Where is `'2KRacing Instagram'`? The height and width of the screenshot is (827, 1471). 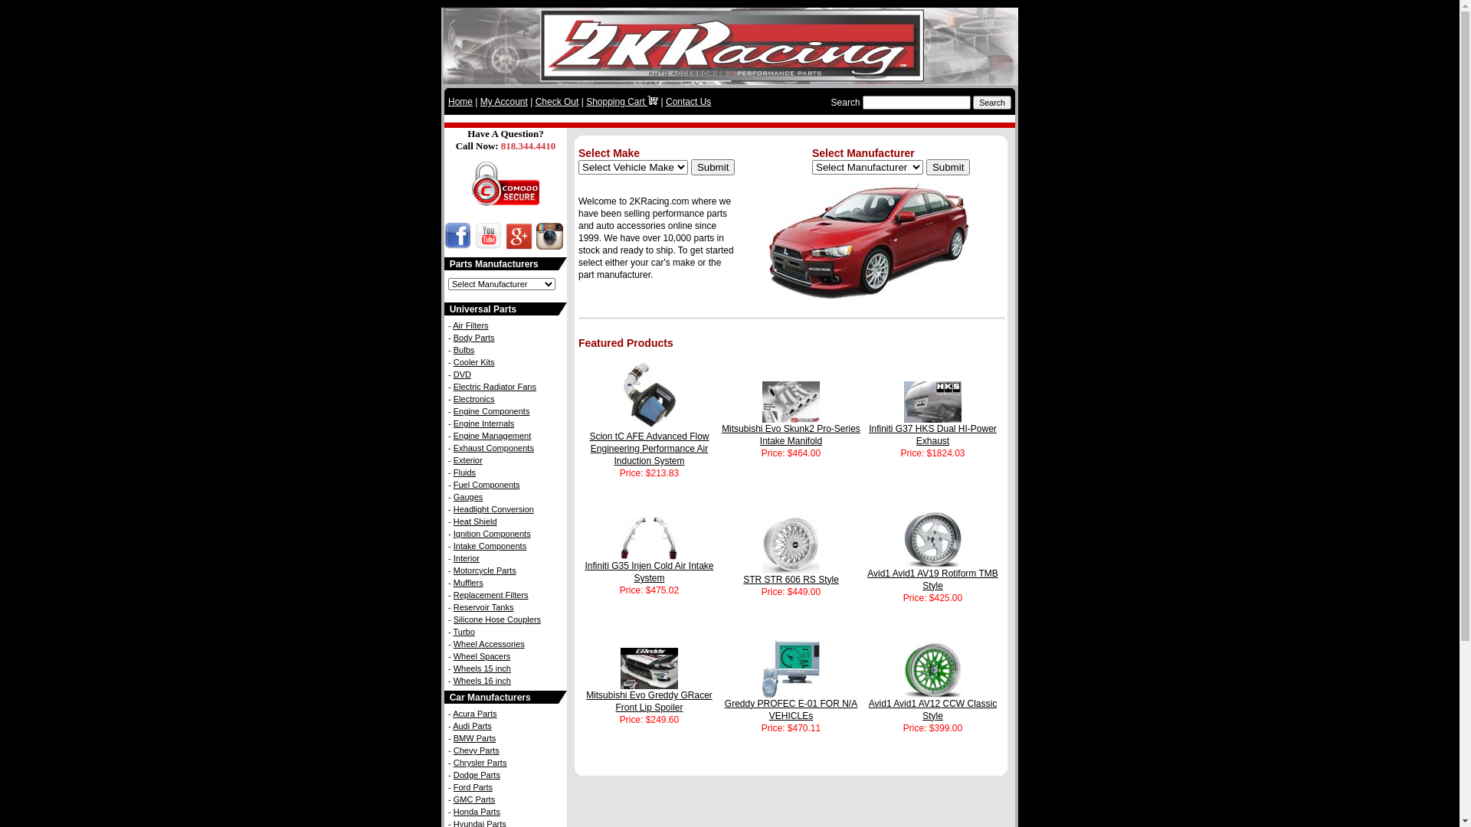 '2KRacing Instagram' is located at coordinates (548, 244).